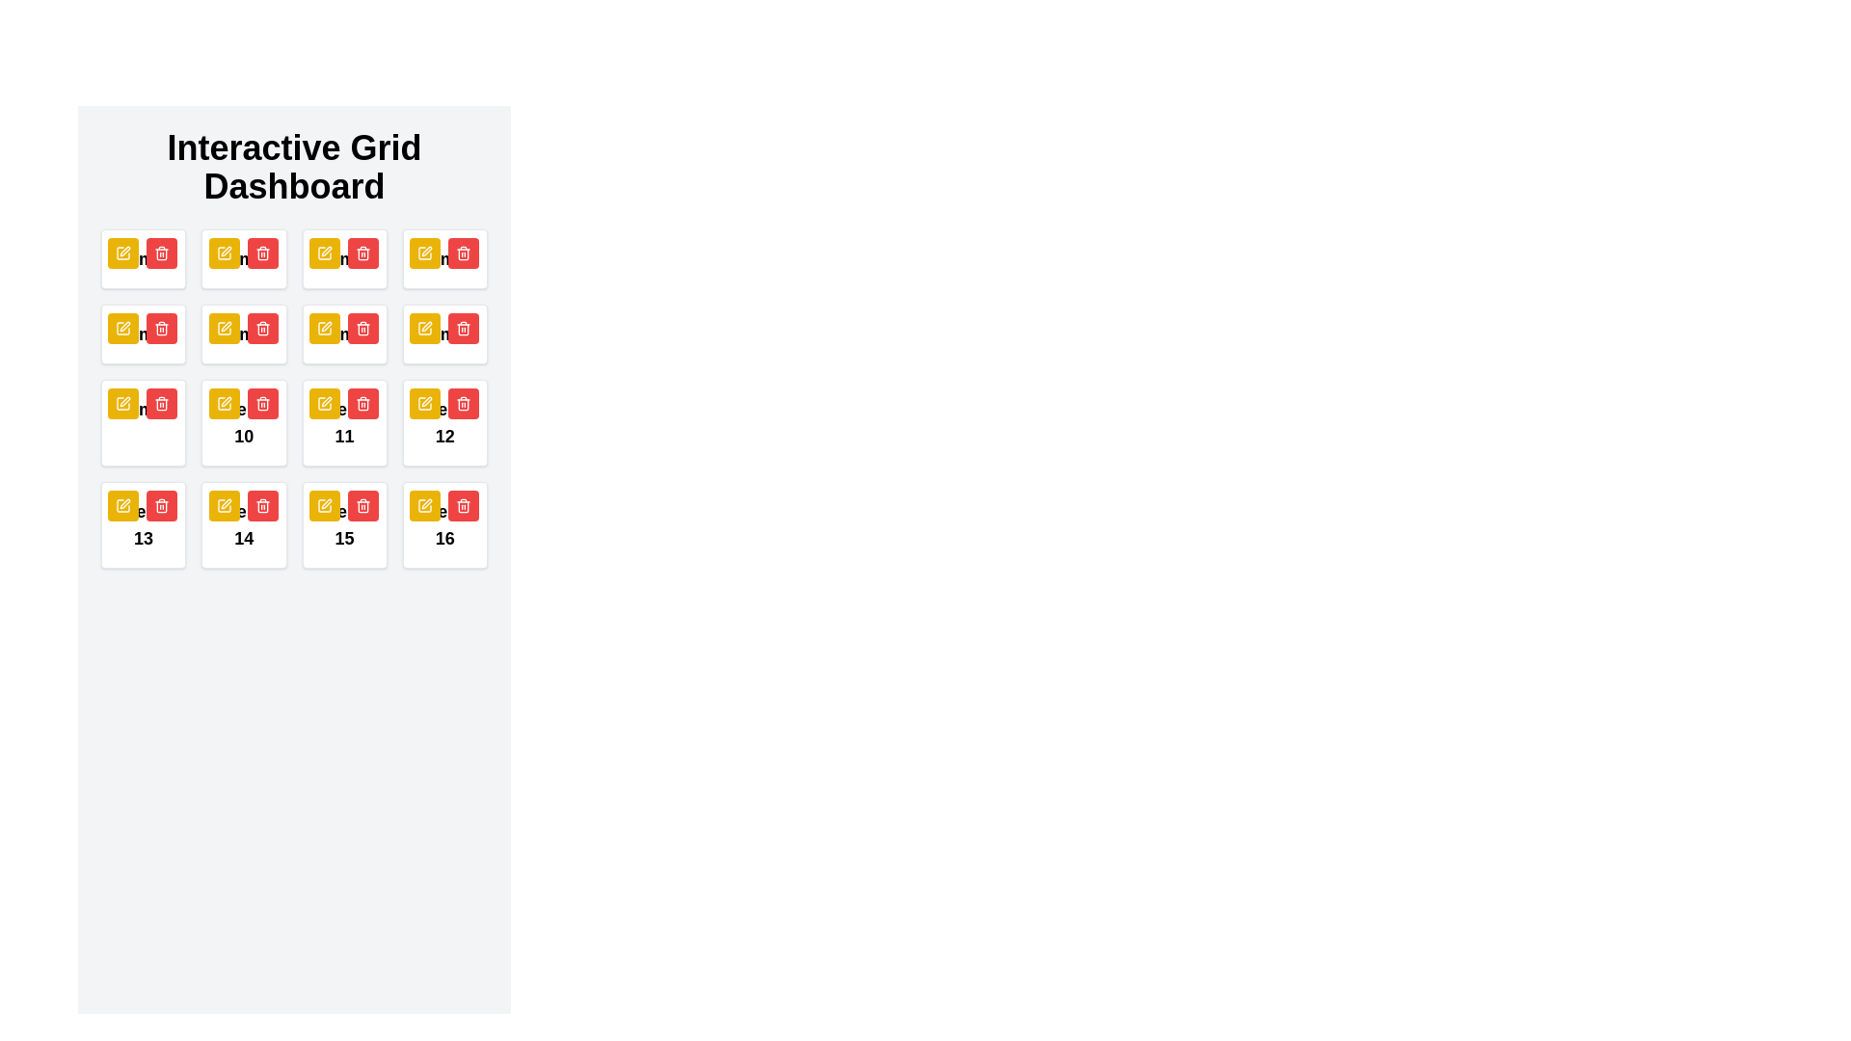  Describe the element at coordinates (324, 252) in the screenshot. I see `the Edit icon located in the yellow button with white text in the 3rd row and 1st column of the grid for keyboard interaction` at that location.